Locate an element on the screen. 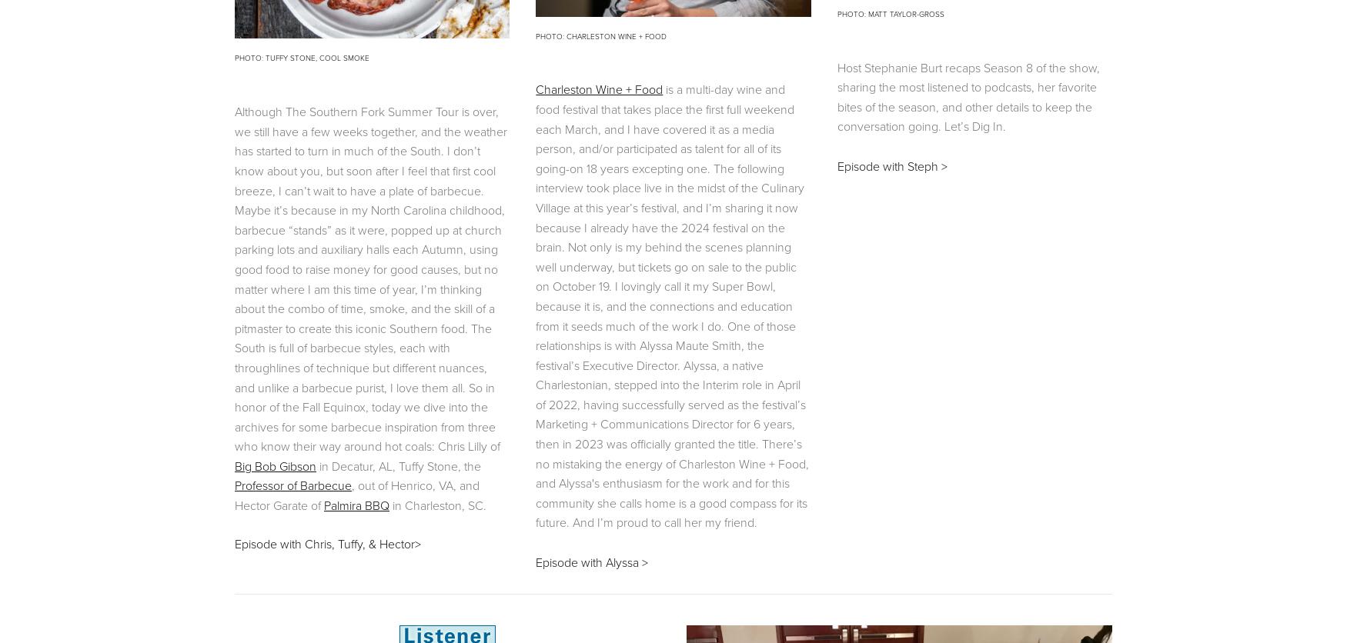  'Big Bob Gibson' is located at coordinates (276, 465).